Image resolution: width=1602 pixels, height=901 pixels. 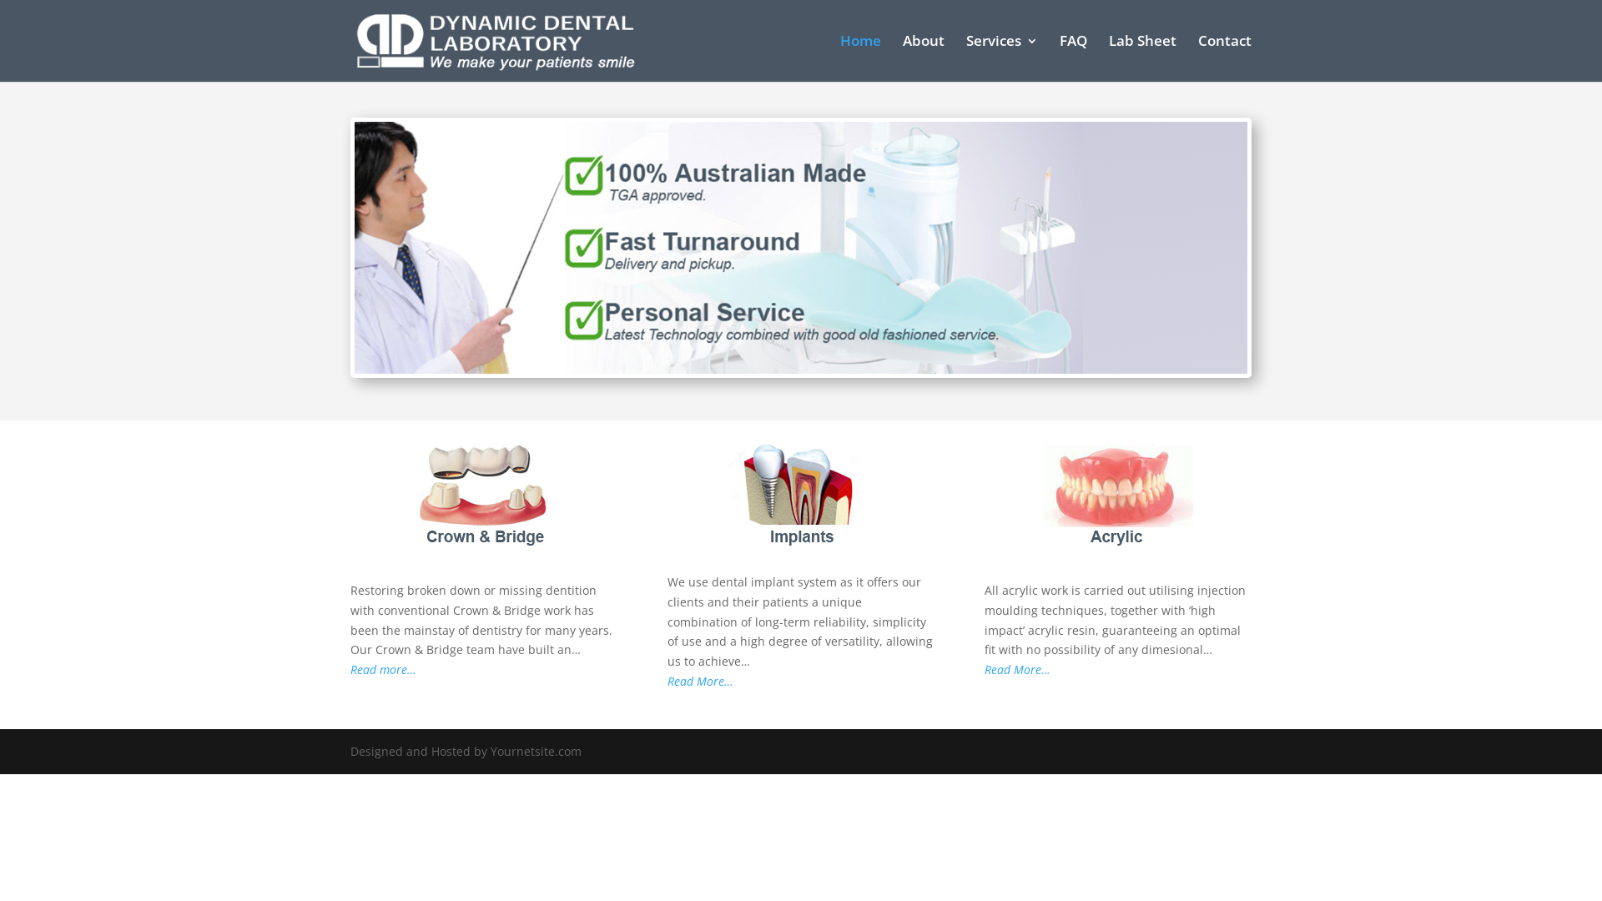 I want to click on 'Contact', so click(x=1225, y=57).